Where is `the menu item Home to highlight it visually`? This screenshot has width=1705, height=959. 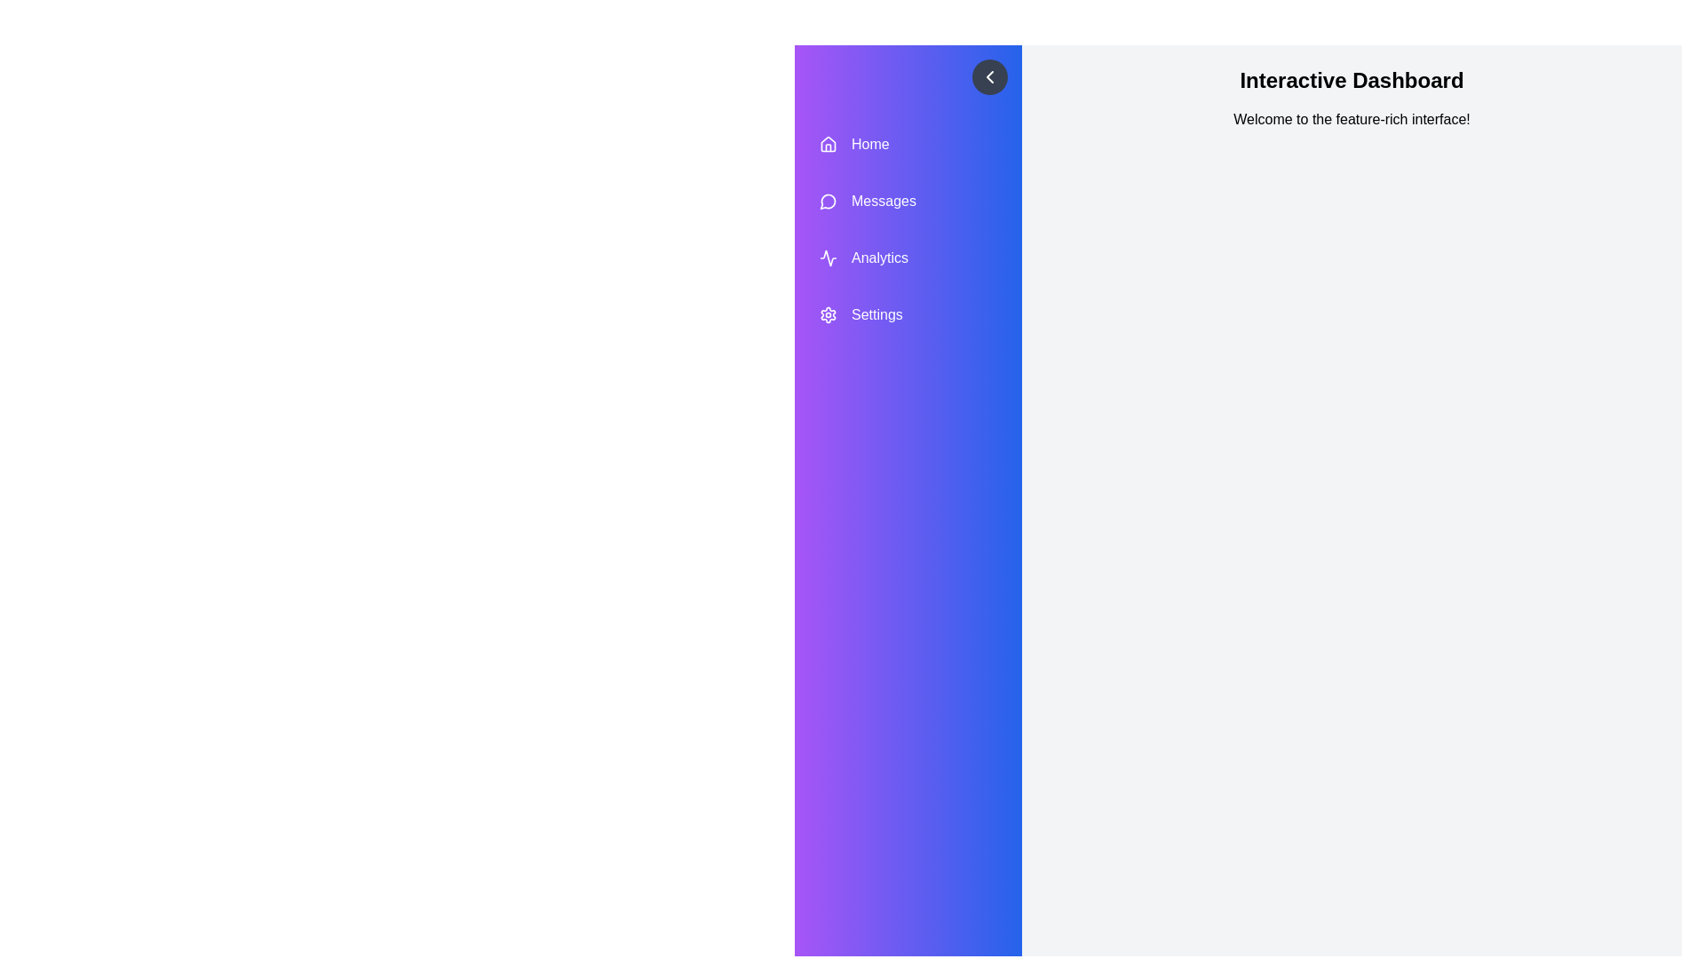 the menu item Home to highlight it visually is located at coordinates (908, 143).